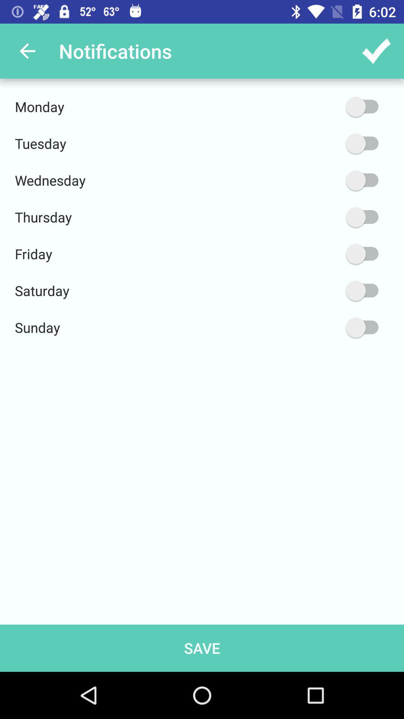 This screenshot has width=404, height=719. I want to click on thursday notification, so click(326, 217).